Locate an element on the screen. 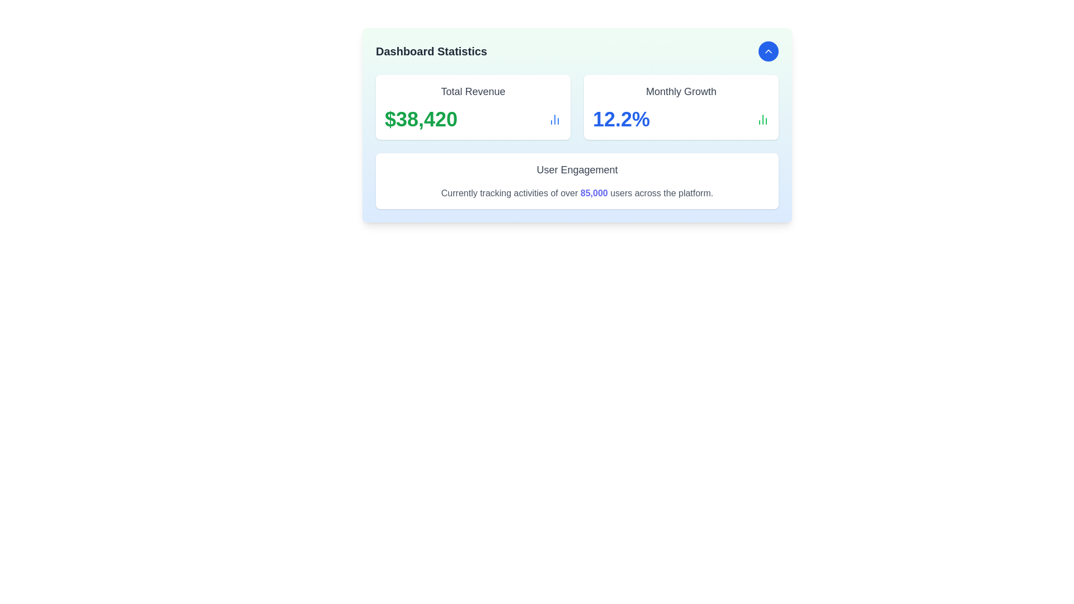 The width and height of the screenshot is (1074, 604). the text label stating 'Currently tracking activities of over 85,000 users across the platform.', which features '85,000' in bold blue font, located below the 'User Engagement' title in the middle card of the bottom row is located at coordinates (577, 193).